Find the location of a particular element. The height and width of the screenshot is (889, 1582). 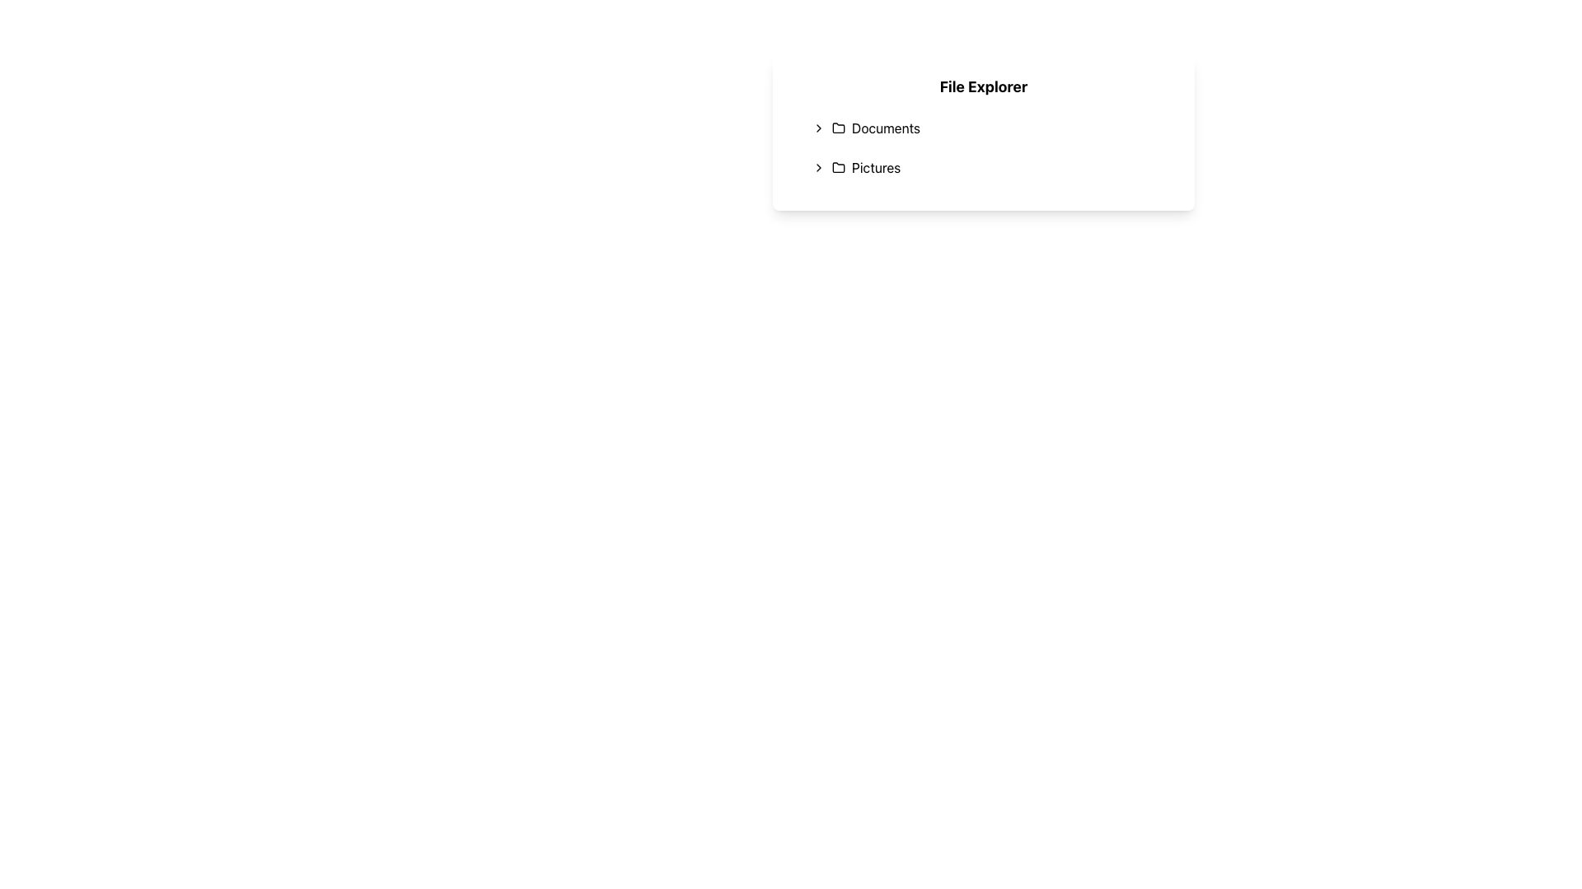

the right-facing Chevron icon is located at coordinates (818, 168).